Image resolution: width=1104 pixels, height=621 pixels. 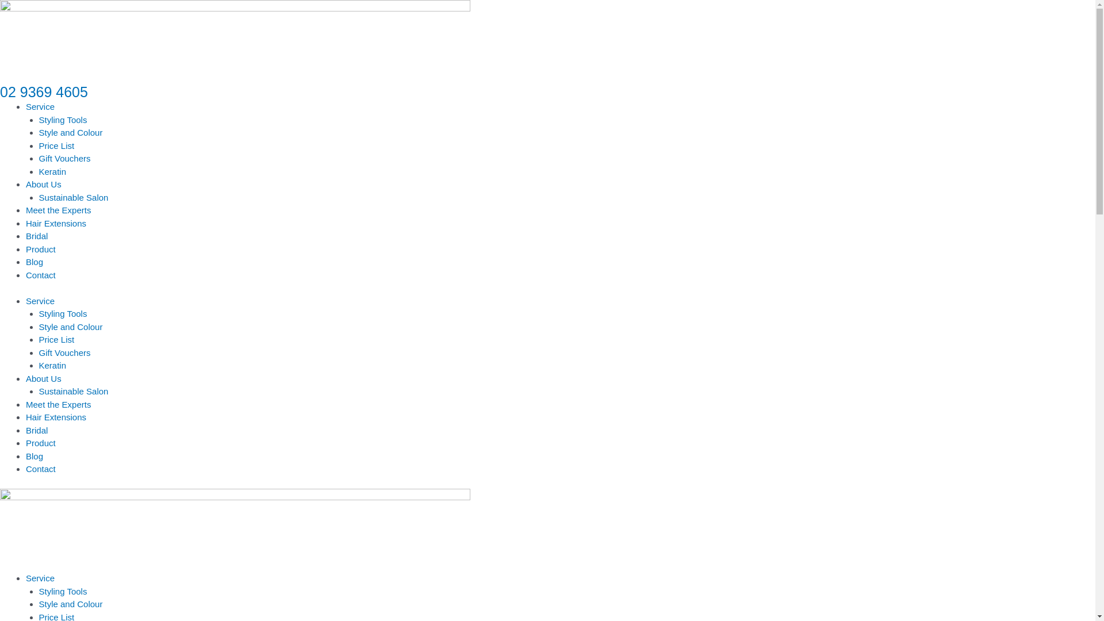 What do you see at coordinates (64, 158) in the screenshot?
I see `'Gift Vouchers'` at bounding box center [64, 158].